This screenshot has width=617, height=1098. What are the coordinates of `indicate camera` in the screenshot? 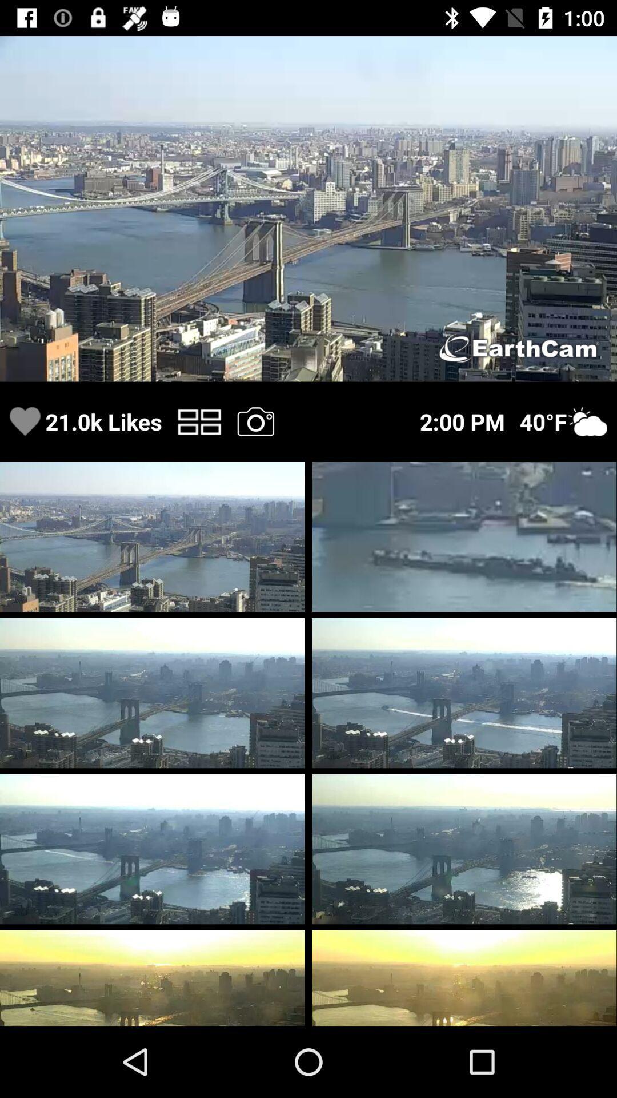 It's located at (255, 421).